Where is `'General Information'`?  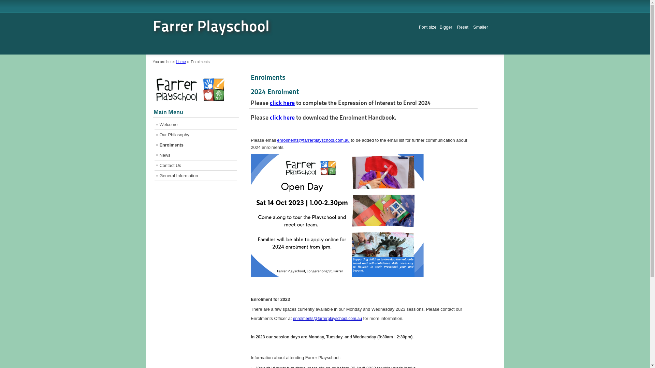
'General Information' is located at coordinates (154, 175).